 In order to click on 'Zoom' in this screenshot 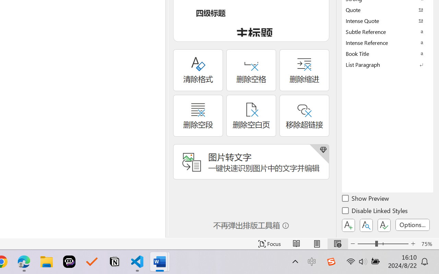, I will do `click(382, 244)`.